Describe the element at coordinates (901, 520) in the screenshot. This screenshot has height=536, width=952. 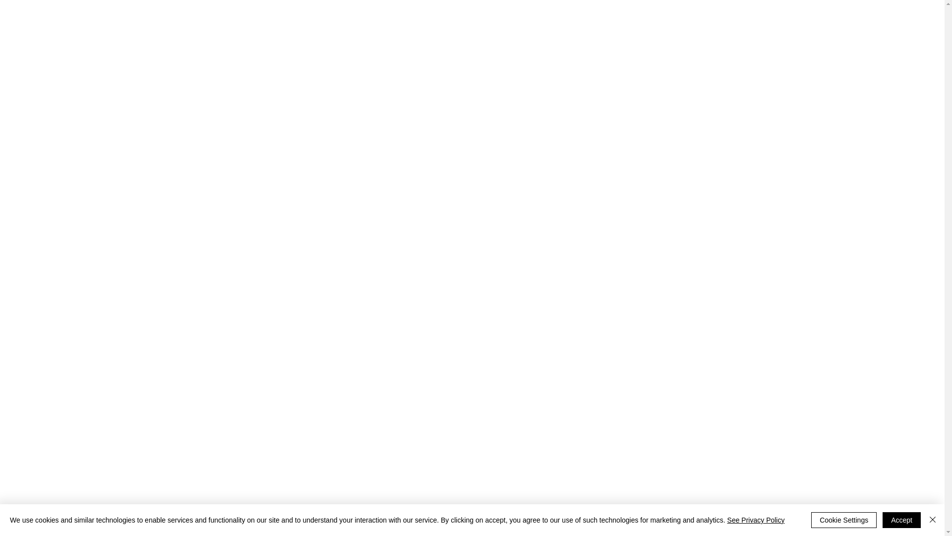
I see `'Accept'` at that location.